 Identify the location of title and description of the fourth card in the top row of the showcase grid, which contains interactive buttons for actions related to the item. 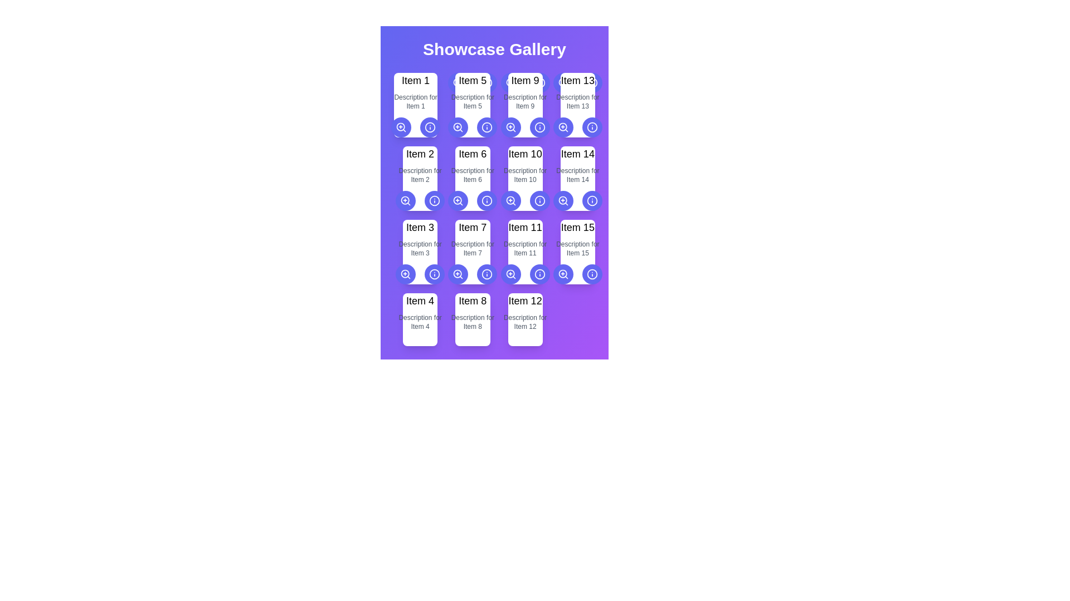
(577, 105).